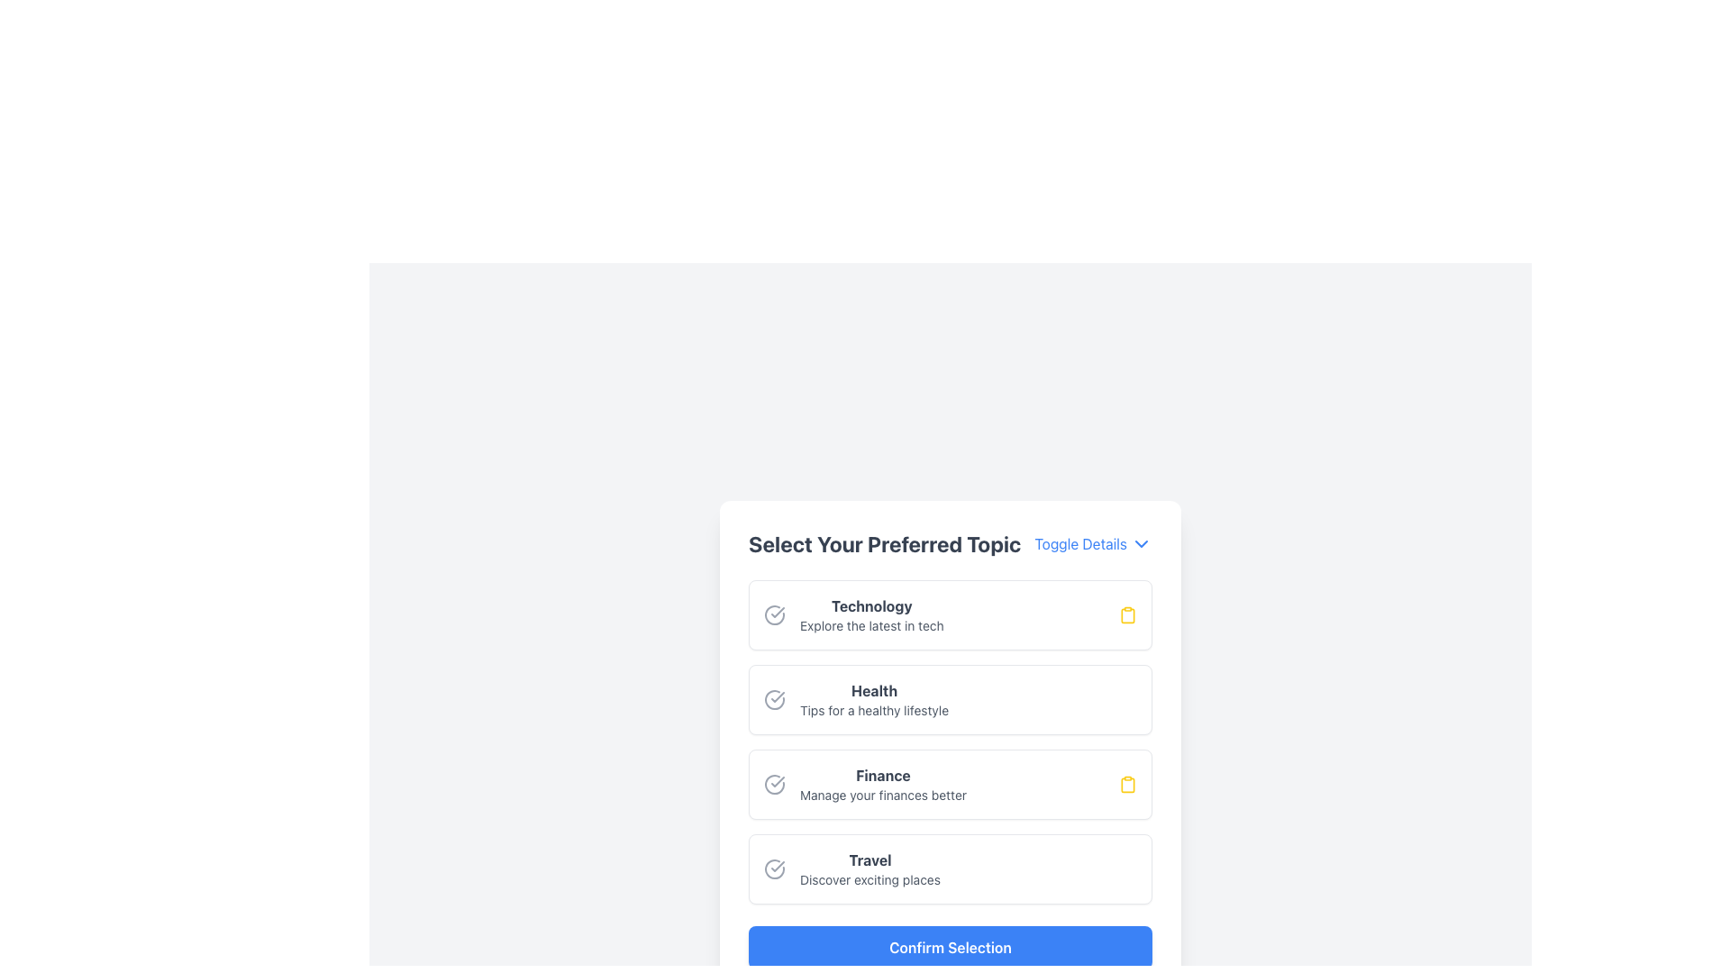  Describe the element at coordinates (870, 859) in the screenshot. I see `Text Label that serves as the title for the Travel topic, which is located below 'Finance' and above the 'Confirm Selection' button` at that location.